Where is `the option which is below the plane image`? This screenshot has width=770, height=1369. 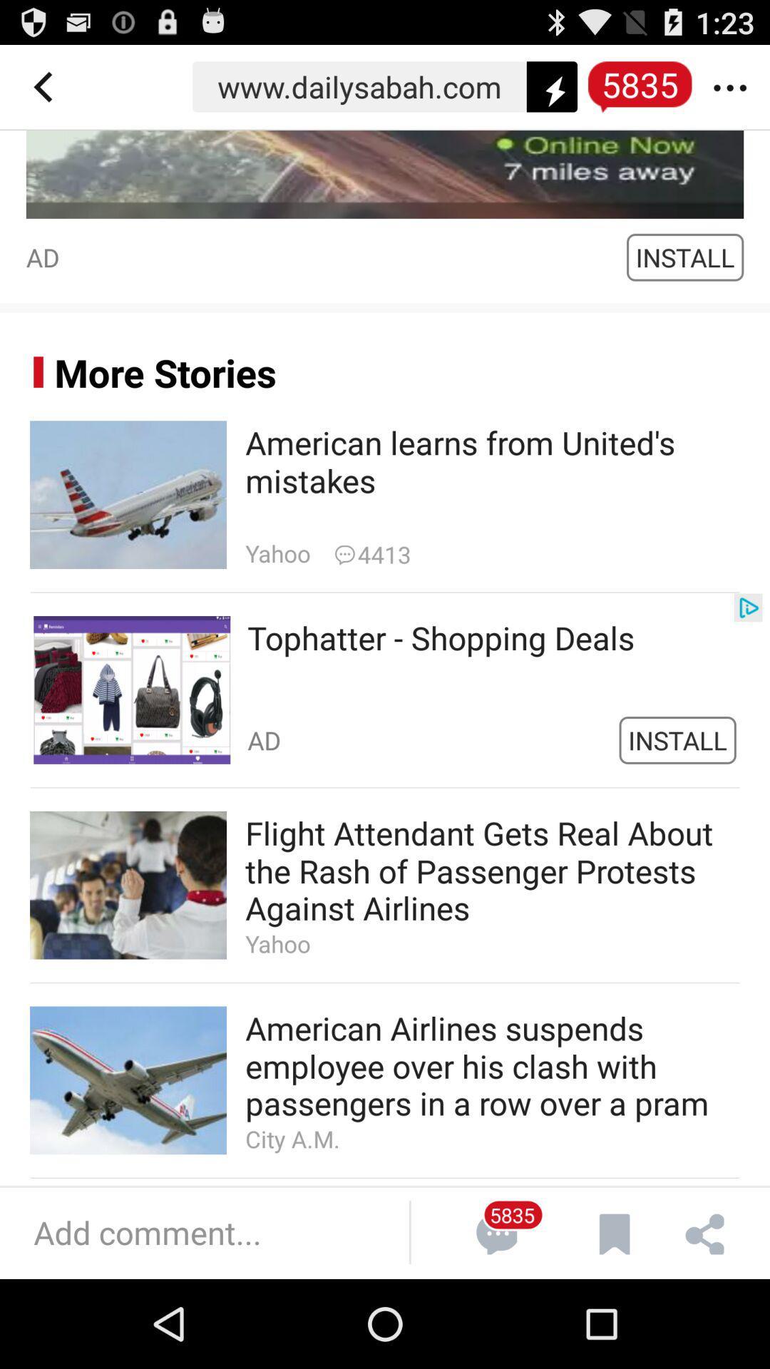
the option which is below the plane image is located at coordinates (385, 690).